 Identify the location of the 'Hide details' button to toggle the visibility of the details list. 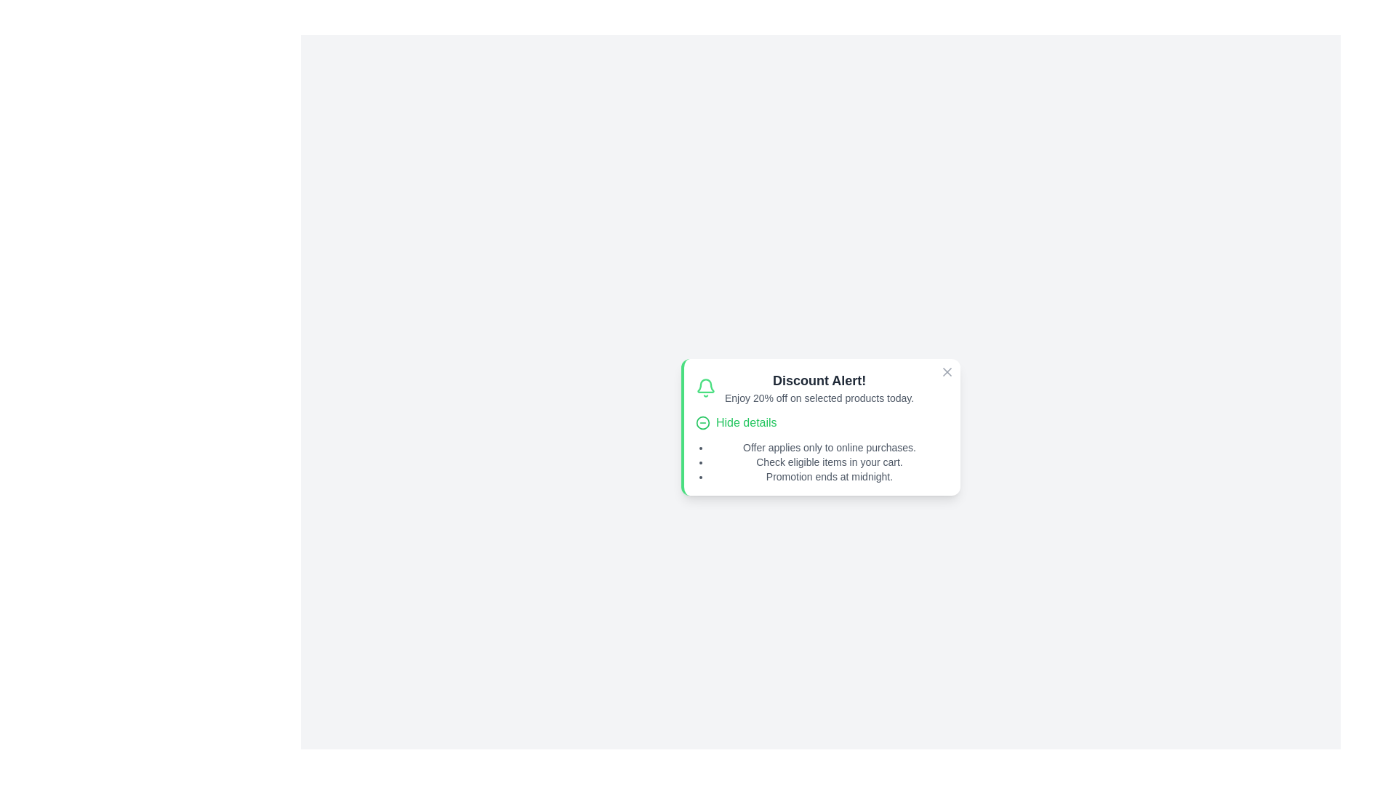
(736, 423).